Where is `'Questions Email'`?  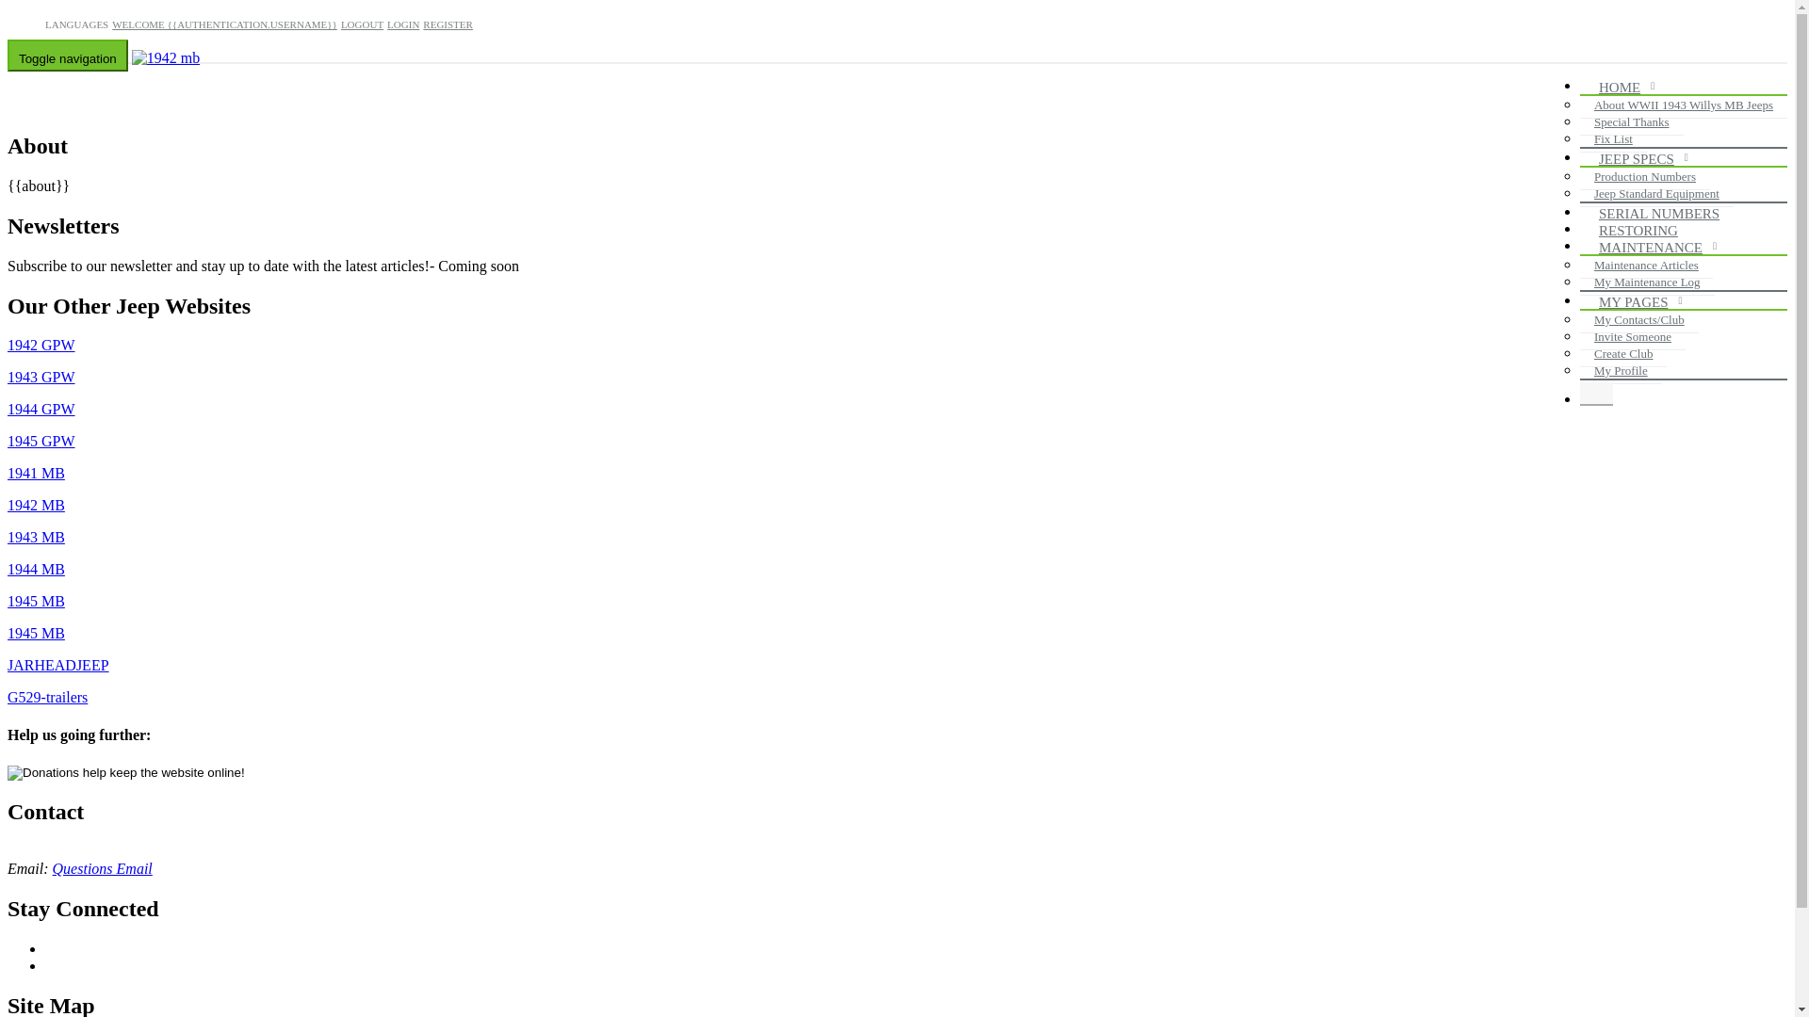
'Questions Email' is located at coordinates (102, 868).